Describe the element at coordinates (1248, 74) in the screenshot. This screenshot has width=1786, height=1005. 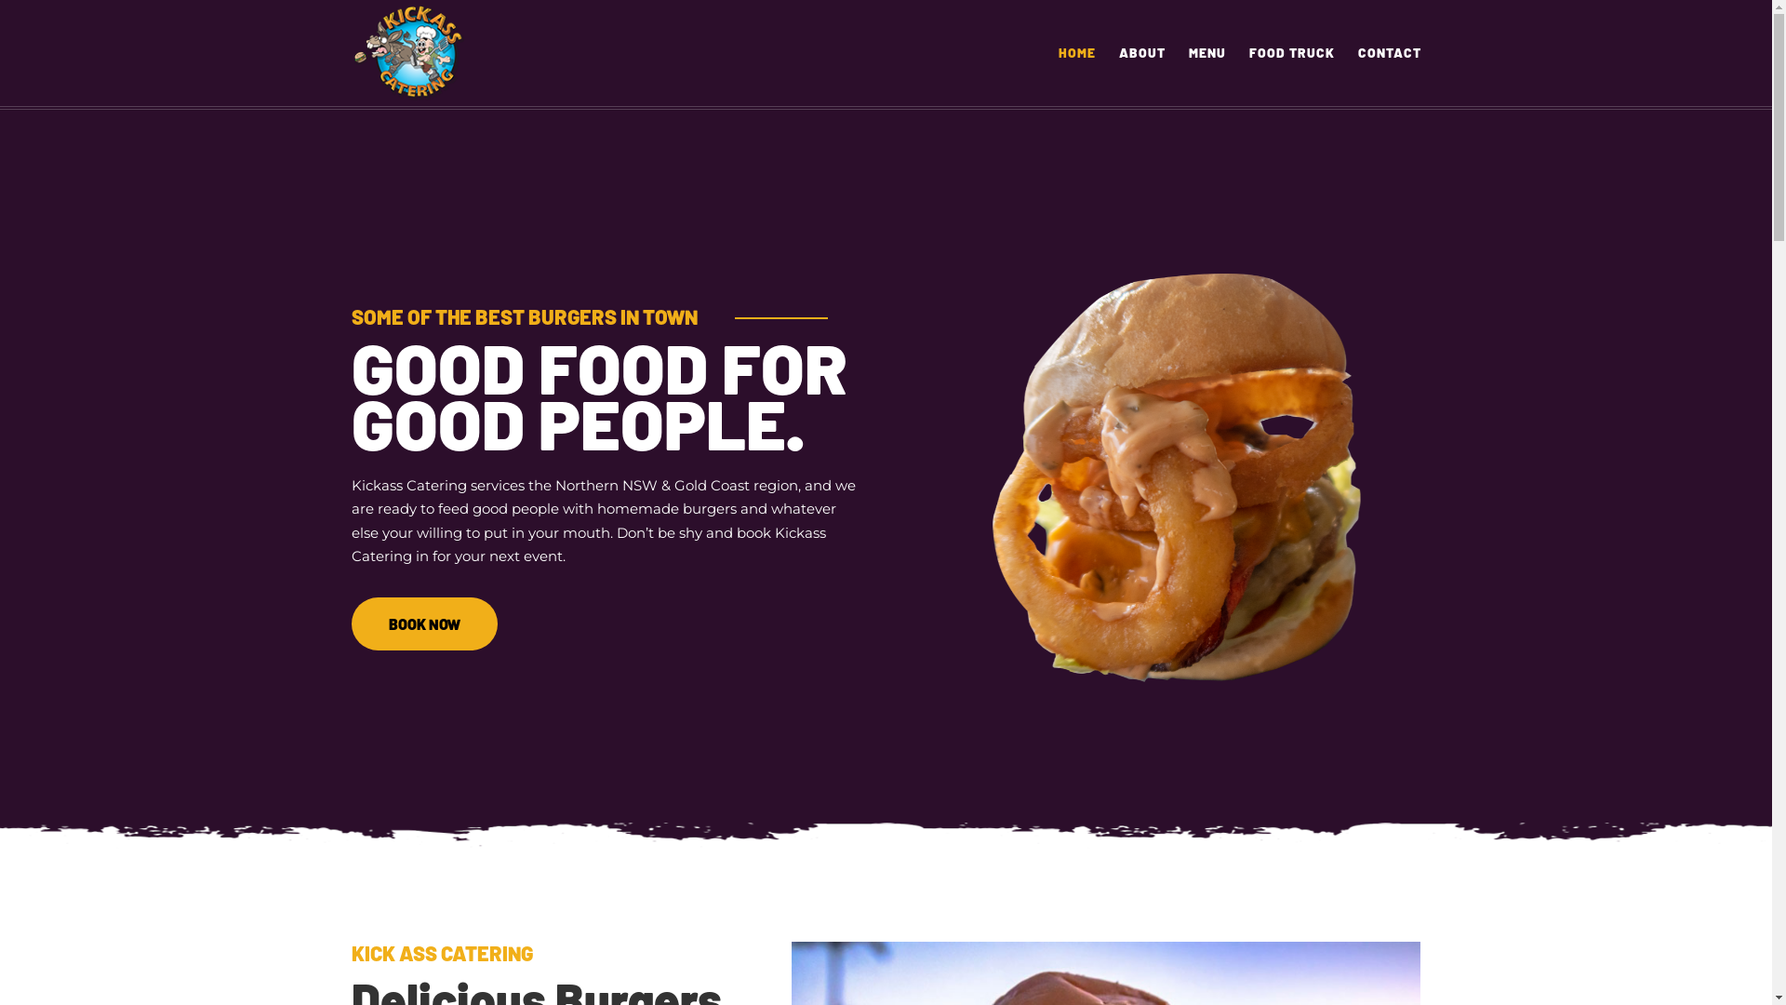
I see `'FOOD TRUCK'` at that location.